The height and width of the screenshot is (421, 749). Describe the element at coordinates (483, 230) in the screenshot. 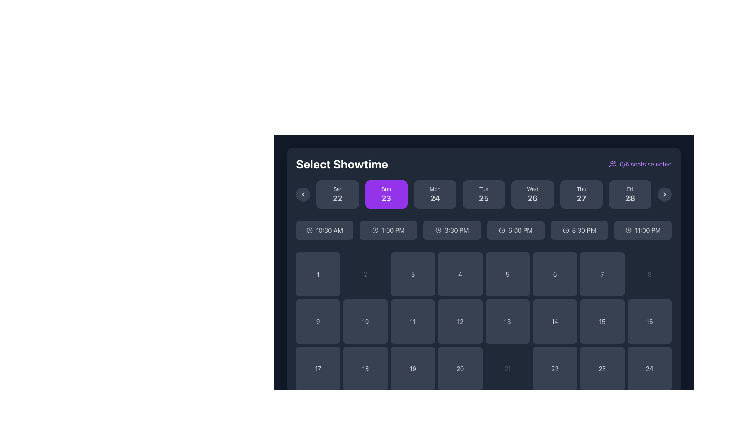

I see `the button in the horizontal group of clickable buttons for selecting a time slot, located beneath the title 'Select Showtime'` at that location.